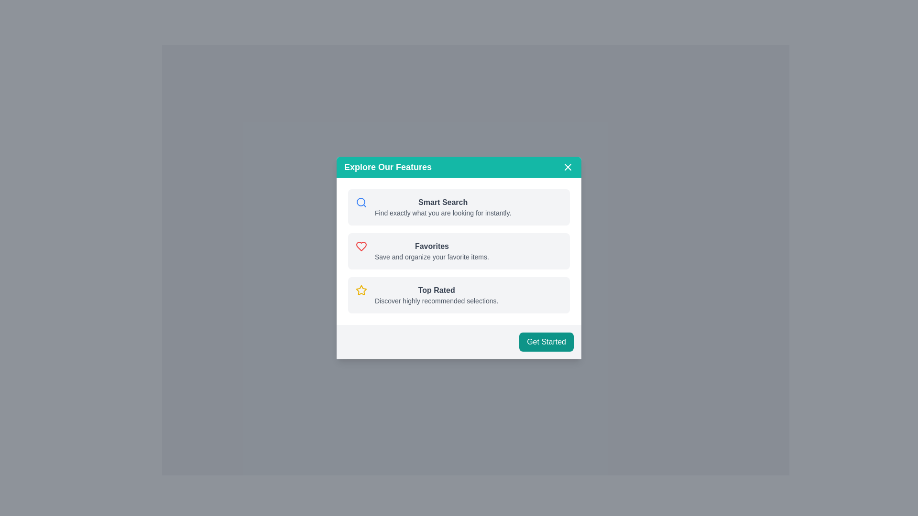  Describe the element at coordinates (436, 290) in the screenshot. I see `the 'Top Rated' text label, which is styled in a medium bold dark gray font and located above a description text, to associate it with the description below` at that location.